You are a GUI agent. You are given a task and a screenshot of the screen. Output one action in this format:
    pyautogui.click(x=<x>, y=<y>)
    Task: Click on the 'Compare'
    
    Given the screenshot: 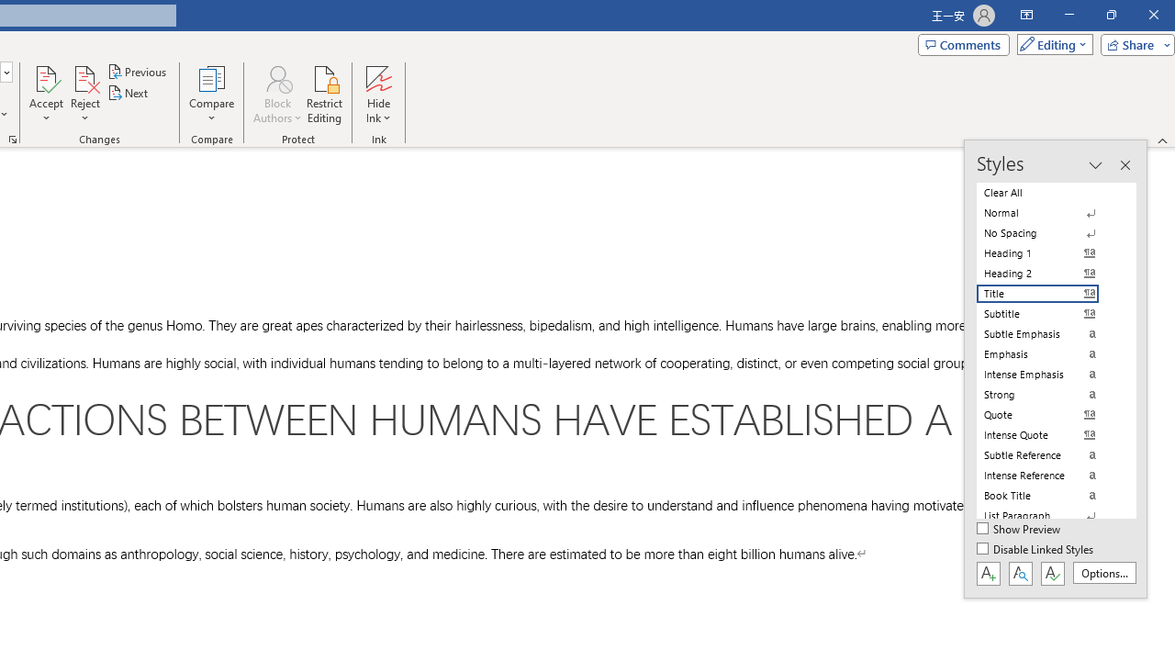 What is the action you would take?
    pyautogui.click(x=212, y=95)
    